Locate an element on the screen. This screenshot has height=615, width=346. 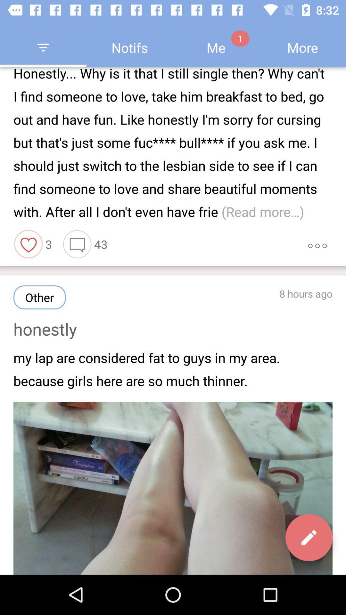
the image above the text other is located at coordinates (28, 244).